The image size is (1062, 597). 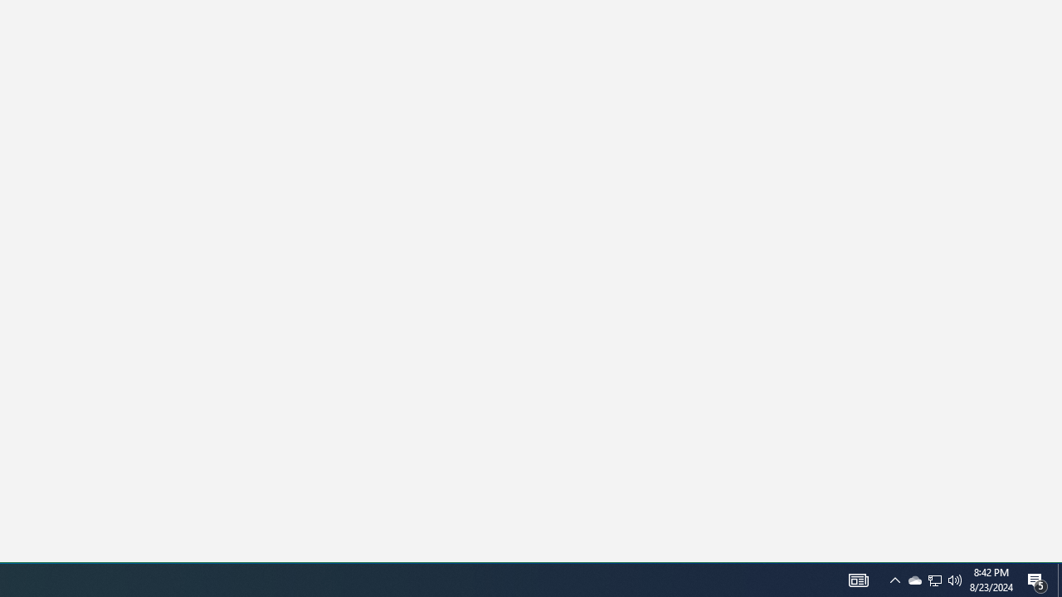 I want to click on 'User Promoted Notification Area', so click(x=935, y=579).